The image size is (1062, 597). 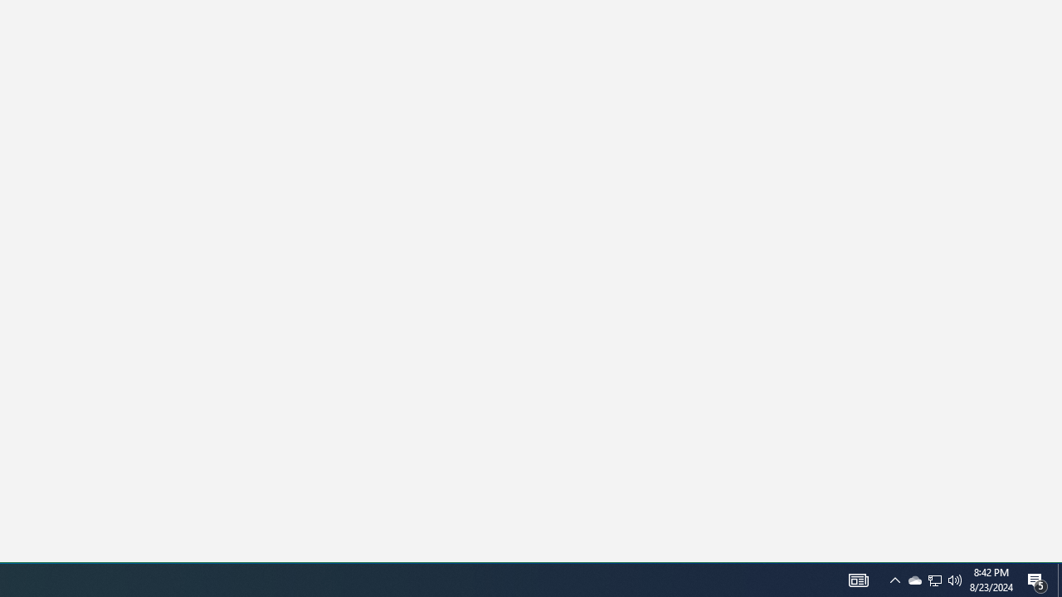 I want to click on 'User Promoted Notification Area', so click(x=935, y=579).